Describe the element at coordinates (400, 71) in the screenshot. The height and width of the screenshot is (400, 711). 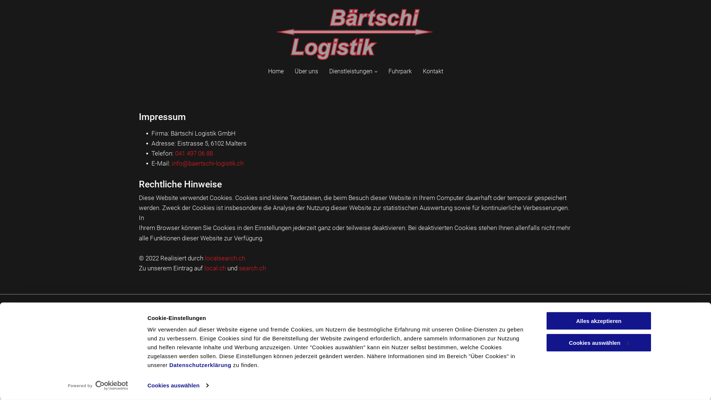
I see `'Fuhrpark'` at that location.